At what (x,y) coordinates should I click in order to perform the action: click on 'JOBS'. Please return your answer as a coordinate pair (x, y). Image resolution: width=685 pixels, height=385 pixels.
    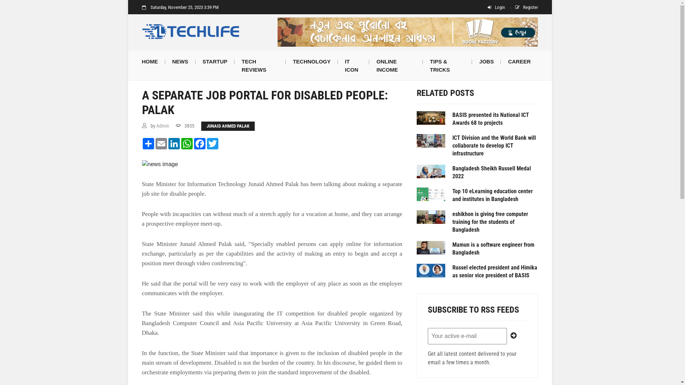
    Looking at the image, I should click on (486, 61).